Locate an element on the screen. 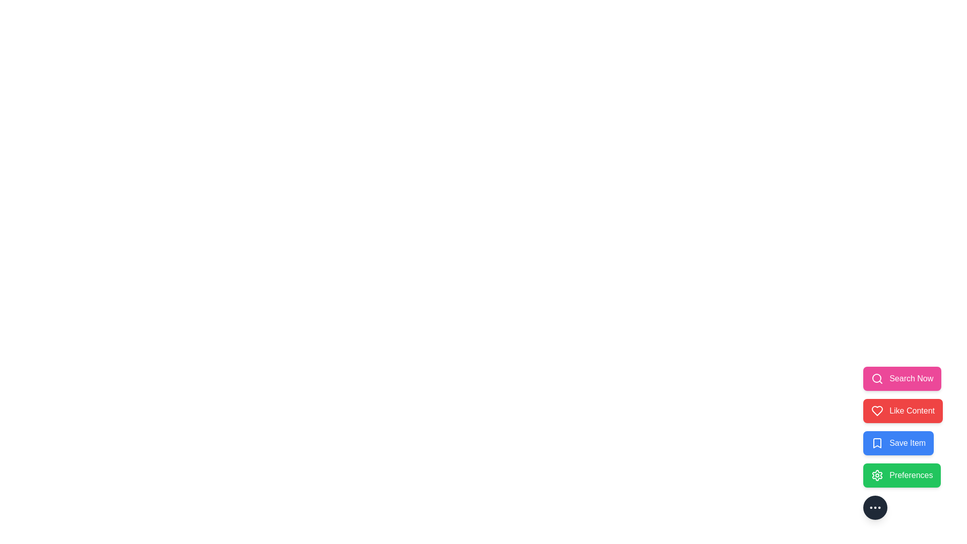  the action Search Now from the menu is located at coordinates (902, 379).